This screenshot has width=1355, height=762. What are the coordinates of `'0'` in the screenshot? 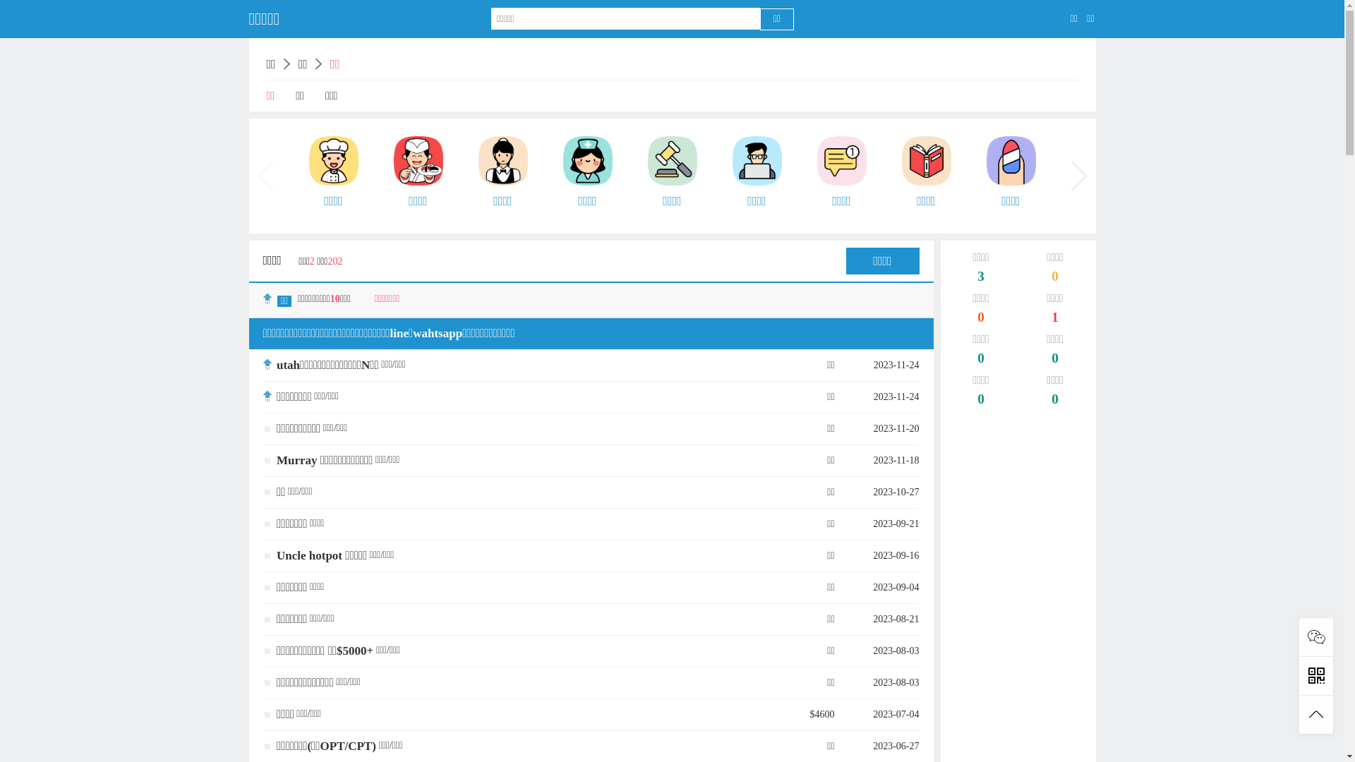 It's located at (1054, 277).